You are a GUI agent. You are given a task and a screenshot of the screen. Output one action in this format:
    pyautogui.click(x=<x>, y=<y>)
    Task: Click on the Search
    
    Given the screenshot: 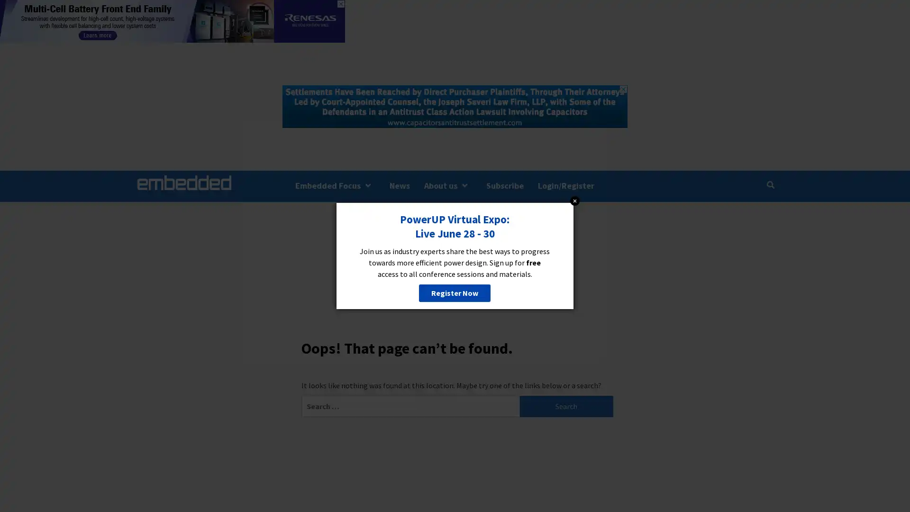 What is the action you would take?
    pyautogui.click(x=566, y=405)
    